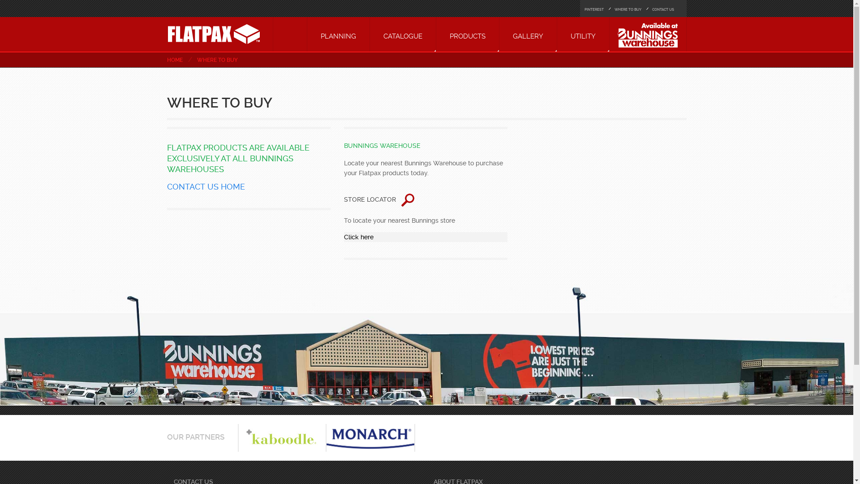 This screenshot has height=484, width=860. I want to click on 'GALLERY', so click(527, 34).